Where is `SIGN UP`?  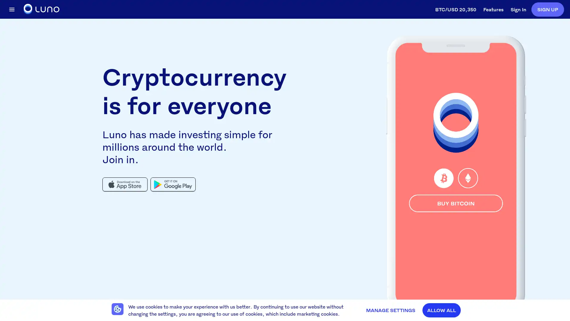 SIGN UP is located at coordinates (547, 9).